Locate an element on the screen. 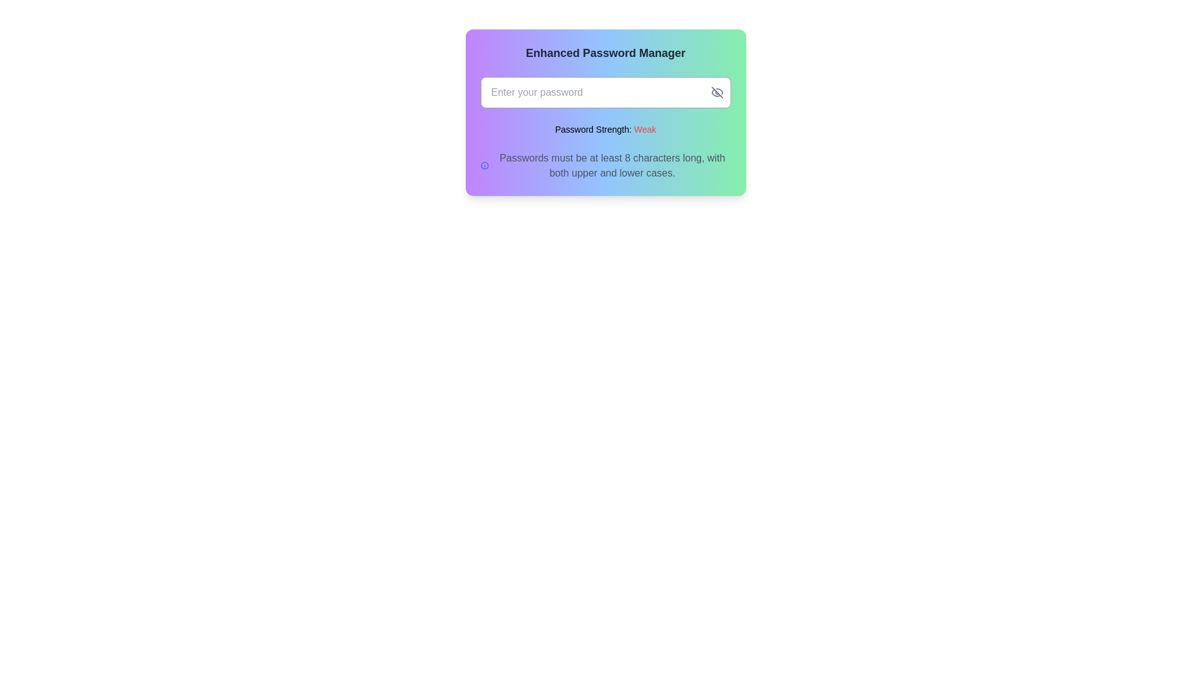 The width and height of the screenshot is (1202, 676). the lower curved line of the eye icon in the top right section of the password management dialog, which represents the action of toggling password visibility is located at coordinates (716, 92).